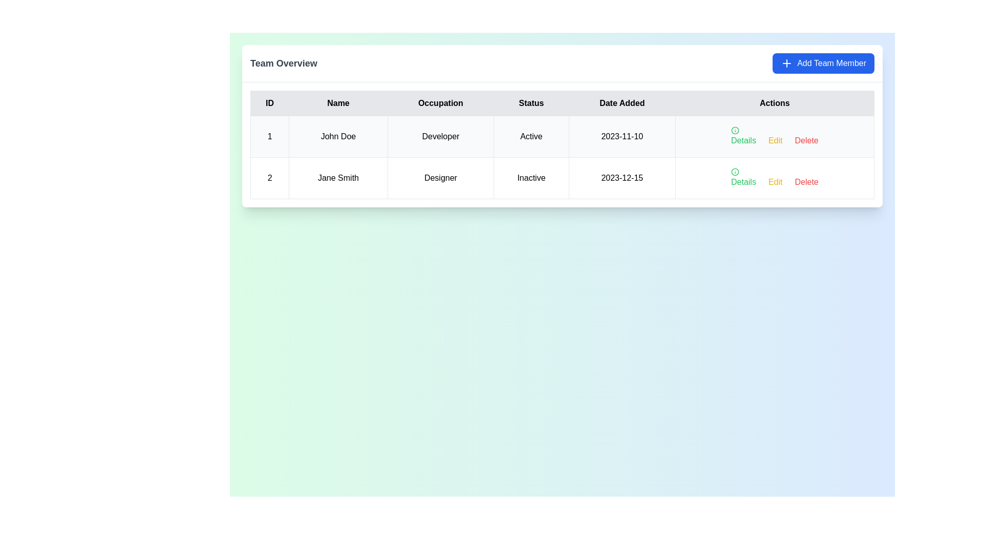 The image size is (983, 553). I want to click on text 'Date Added' from the header cell of the 'Date Added' column, which is located in the fifth column of the table's header row, so click(622, 103).